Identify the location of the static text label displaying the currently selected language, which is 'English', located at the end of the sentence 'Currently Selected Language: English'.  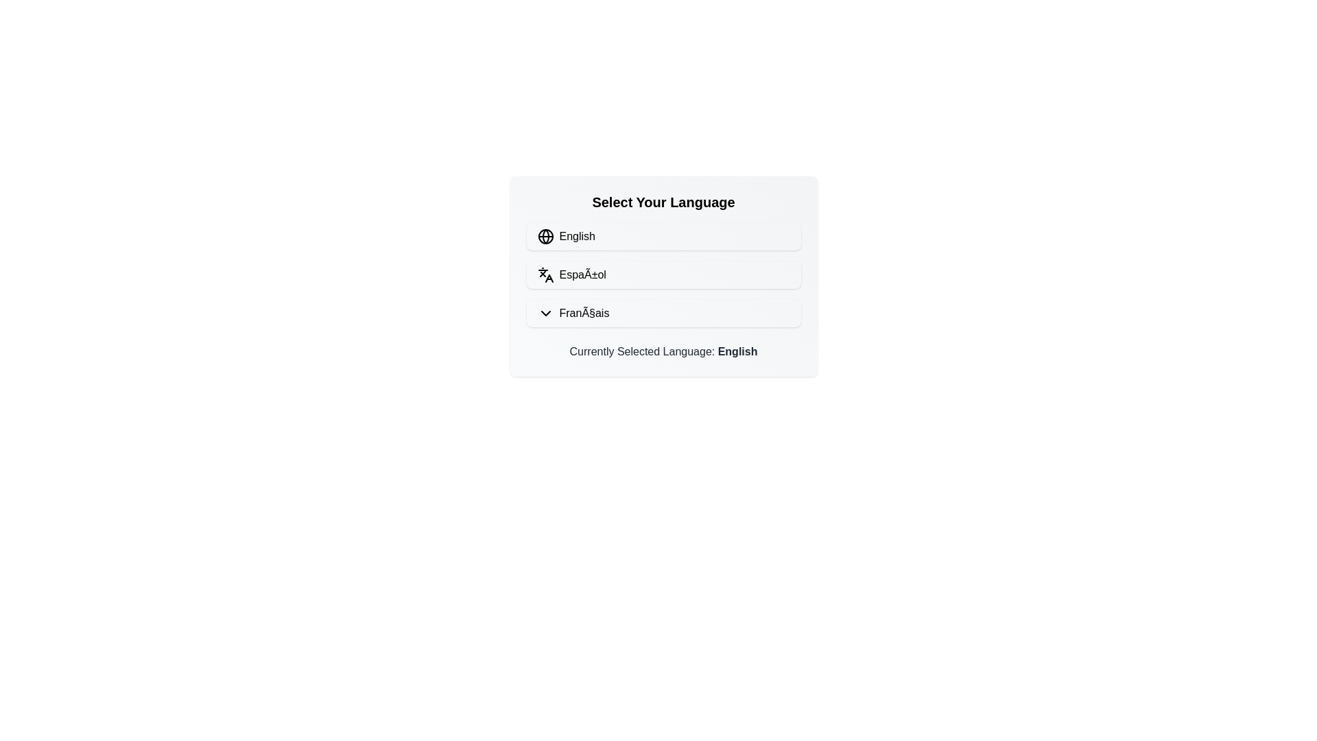
(737, 351).